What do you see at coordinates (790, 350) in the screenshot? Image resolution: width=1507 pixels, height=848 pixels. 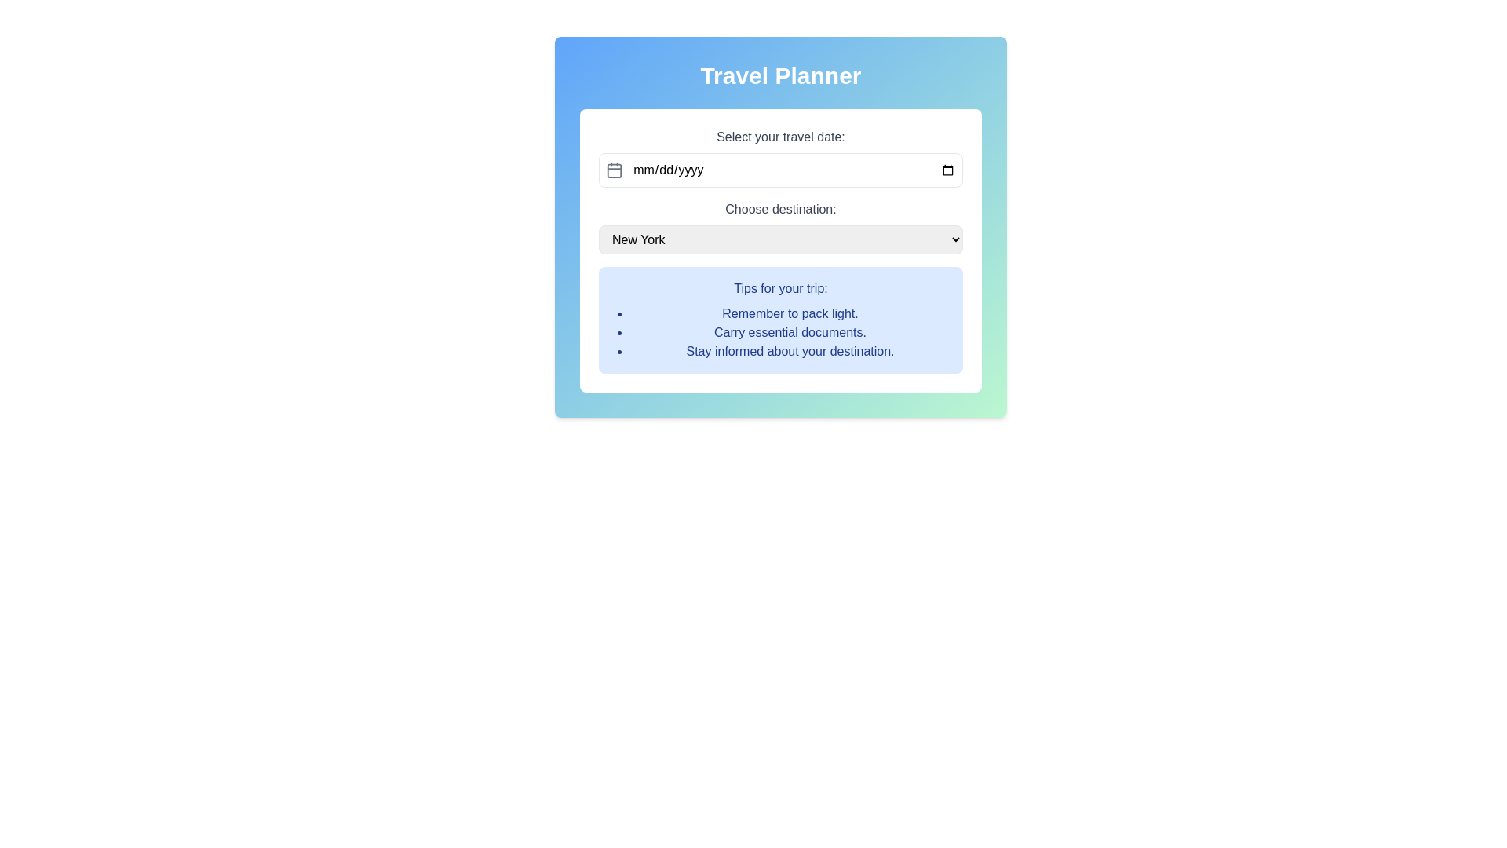 I see `the static text element that reads 'Stay informed about your destination.' which is styled in blue and located in a light blue background box as the third item under 'Tips for your trip.'` at bounding box center [790, 350].